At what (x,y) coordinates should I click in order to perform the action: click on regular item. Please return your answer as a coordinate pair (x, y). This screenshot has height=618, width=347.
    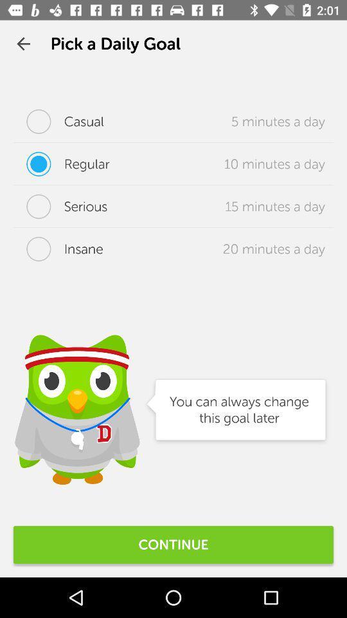
    Looking at the image, I should click on (60, 163).